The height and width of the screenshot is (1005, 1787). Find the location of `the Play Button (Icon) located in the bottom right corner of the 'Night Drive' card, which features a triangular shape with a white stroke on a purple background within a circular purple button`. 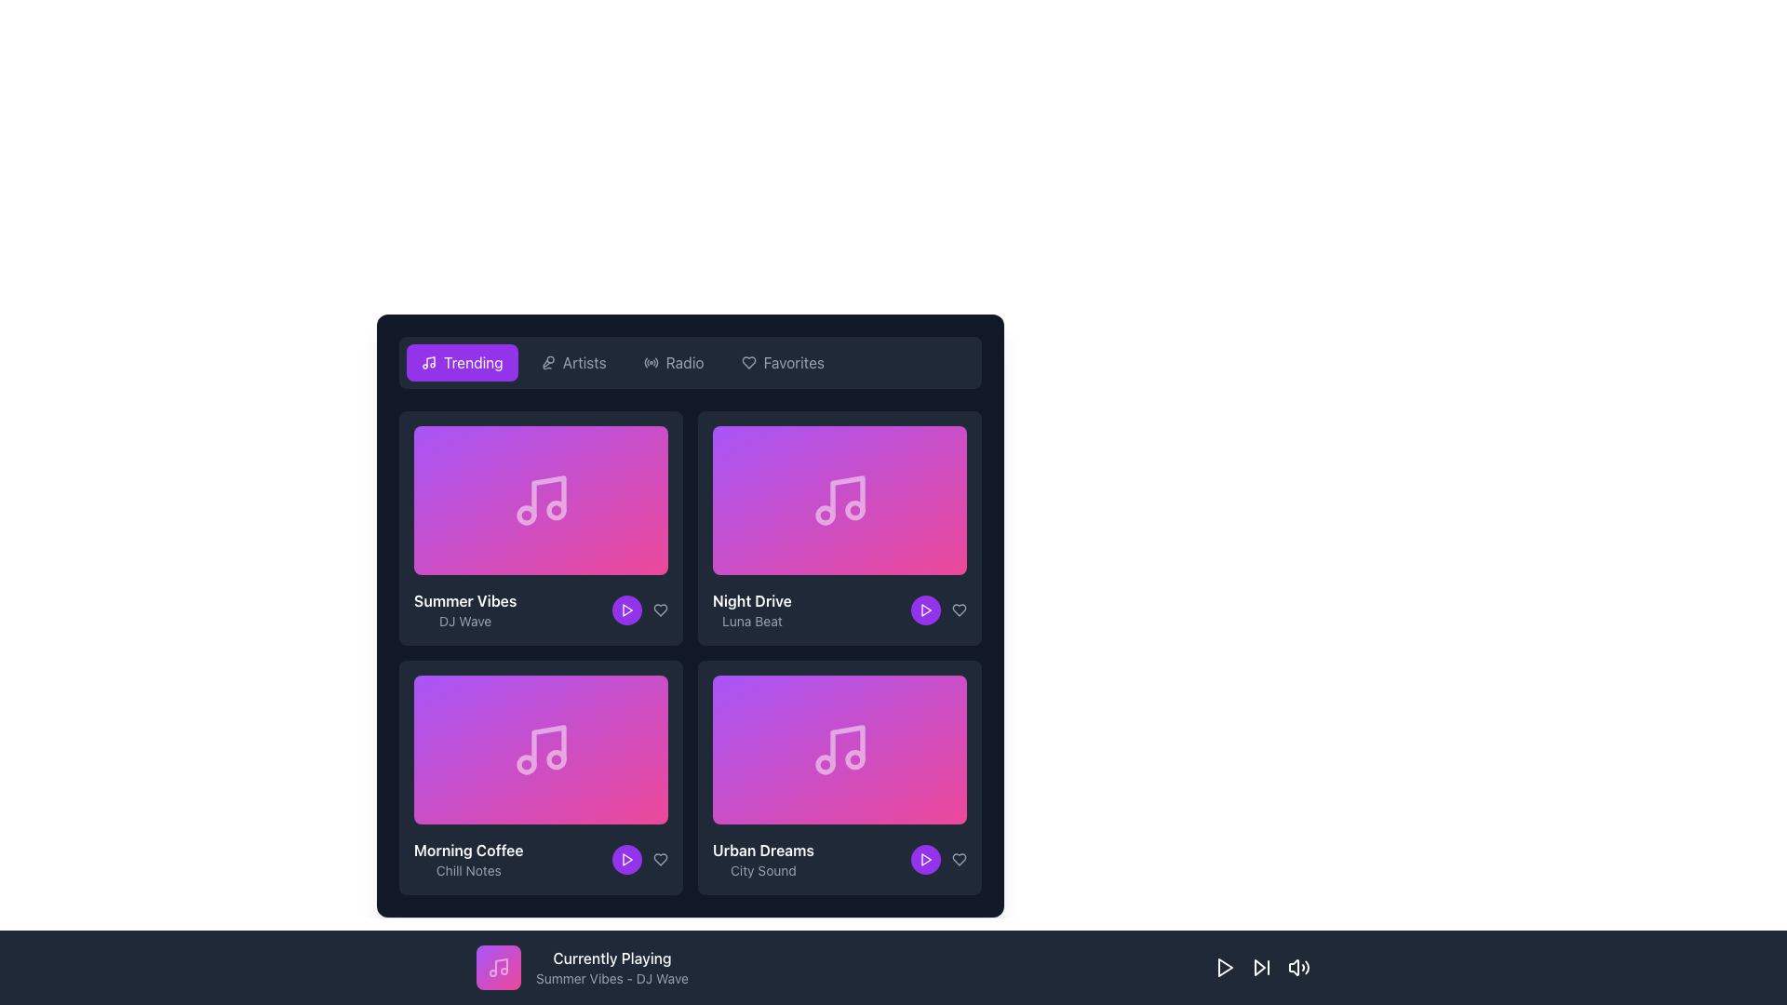

the Play Button (Icon) located in the bottom right corner of the 'Night Drive' card, which features a triangular shape with a white stroke on a purple background within a circular purple button is located at coordinates (925, 610).